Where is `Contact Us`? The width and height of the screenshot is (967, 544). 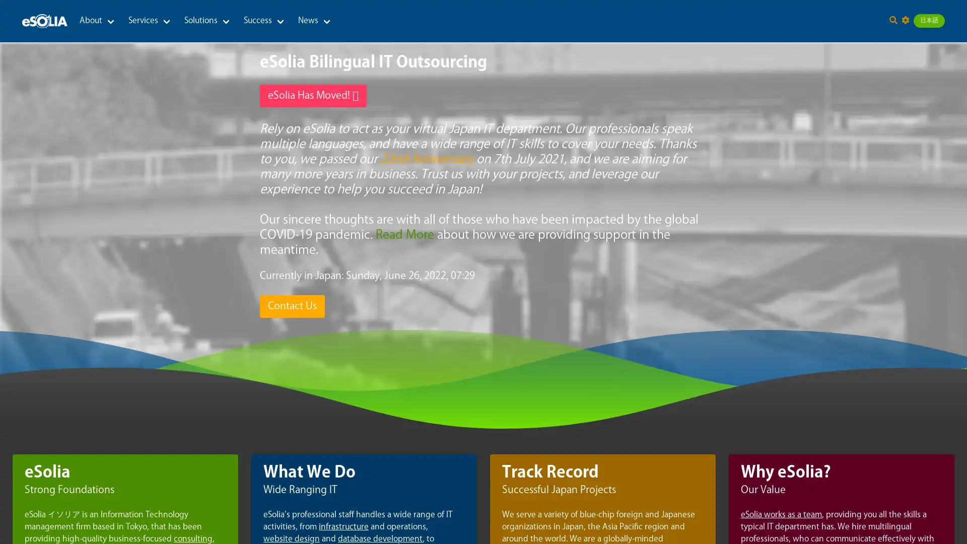
Contact Us is located at coordinates (292, 306).